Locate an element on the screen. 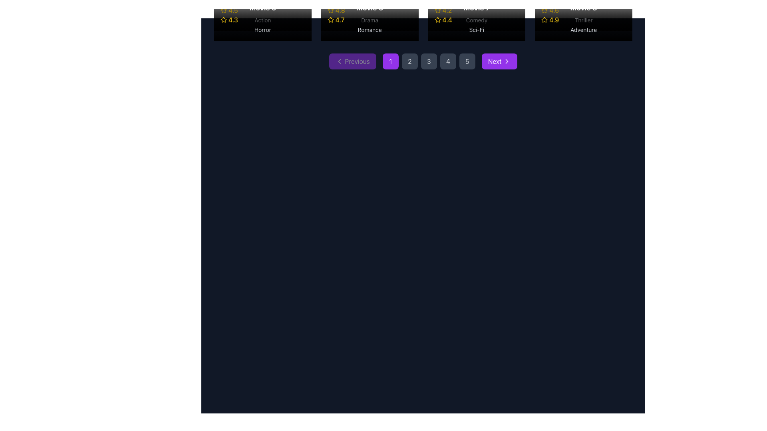 The width and height of the screenshot is (767, 431). the star icon that signifies a 4.7 rating value, located in the upper central portion of the interface, to interact with its associated functionality is located at coordinates (330, 20).